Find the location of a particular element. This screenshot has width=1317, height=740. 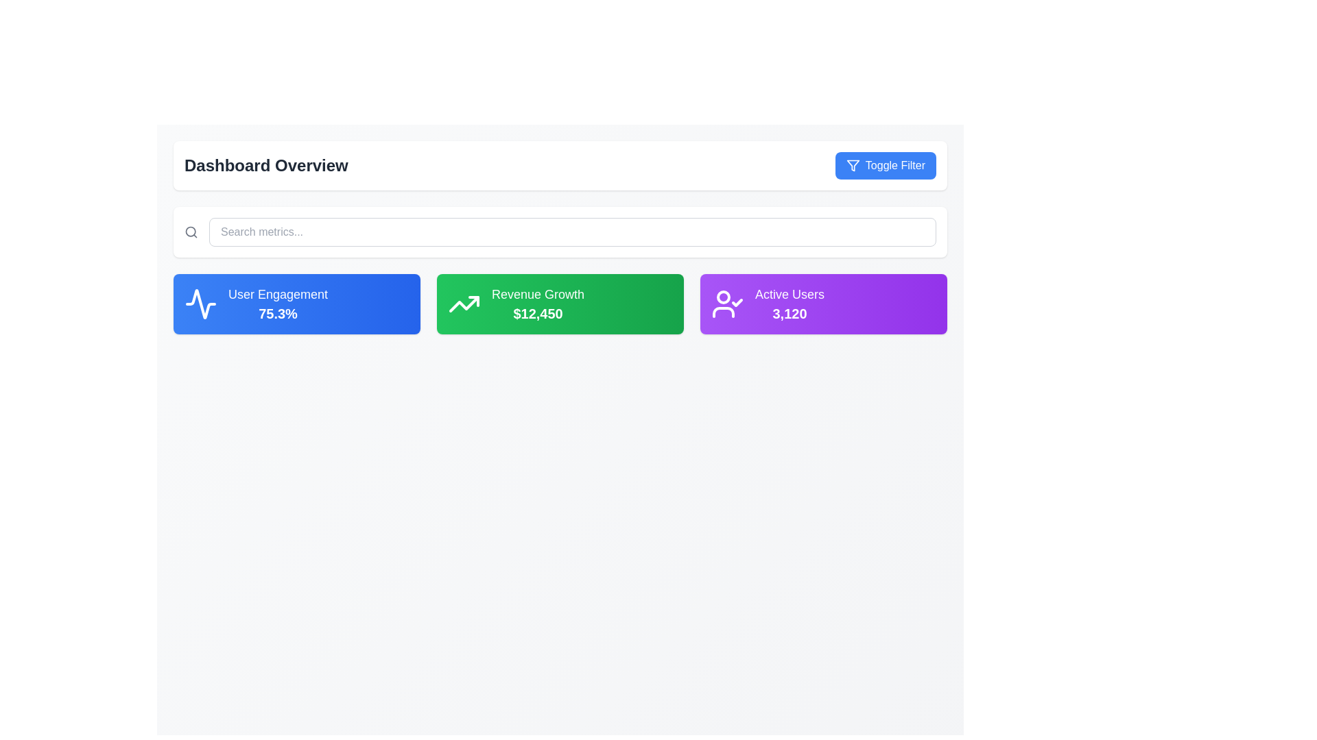

the SVG graphic of the line graph icon representing 'User Engagement 75.3%' is located at coordinates (200, 303).